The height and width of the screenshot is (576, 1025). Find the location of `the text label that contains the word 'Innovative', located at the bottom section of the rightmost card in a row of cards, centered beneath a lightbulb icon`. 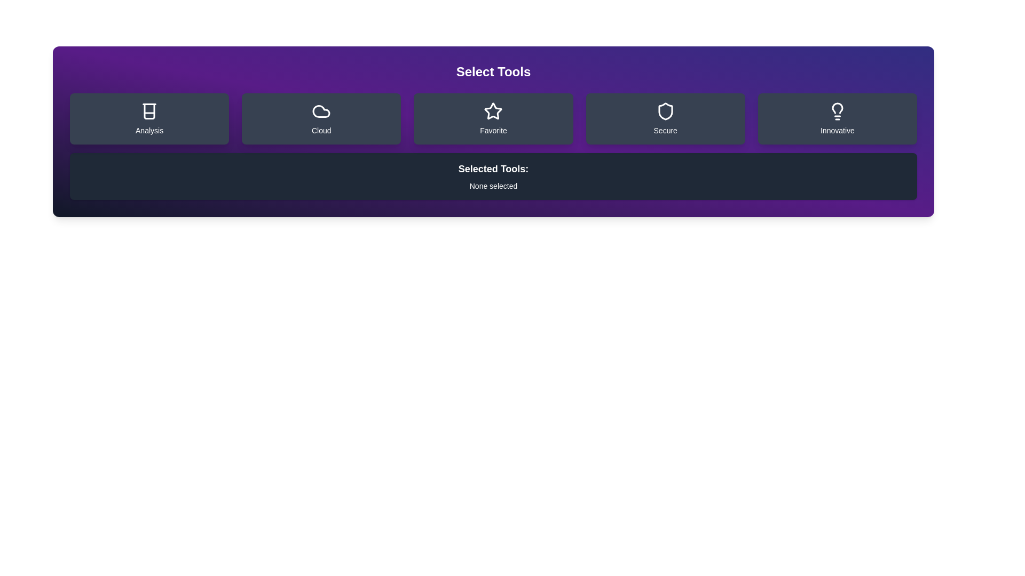

the text label that contains the word 'Innovative', located at the bottom section of the rightmost card in a row of cards, centered beneath a lightbulb icon is located at coordinates (837, 130).